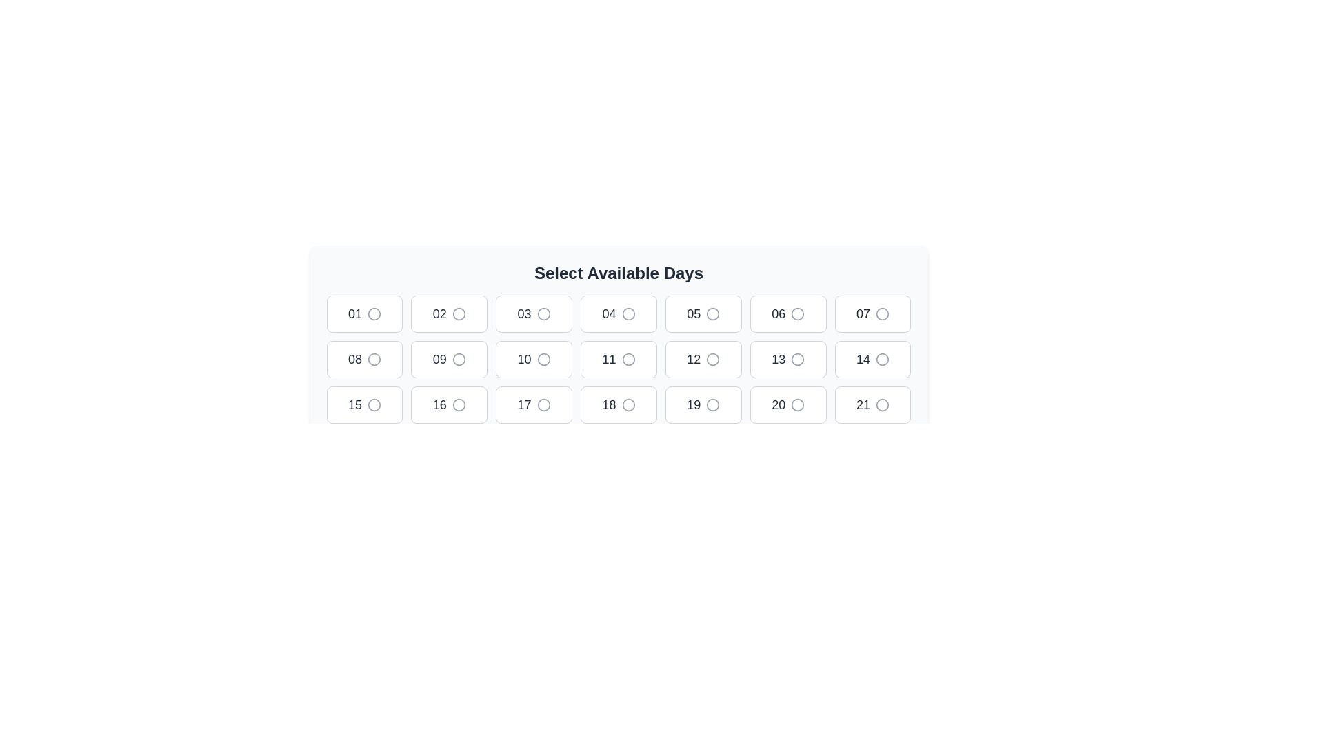 This screenshot has width=1324, height=744. What do you see at coordinates (439, 404) in the screenshot?
I see `the text displaying the number '16' in bold, located in the center of the button within the grid beneath the heading 'Select Available Days'` at bounding box center [439, 404].